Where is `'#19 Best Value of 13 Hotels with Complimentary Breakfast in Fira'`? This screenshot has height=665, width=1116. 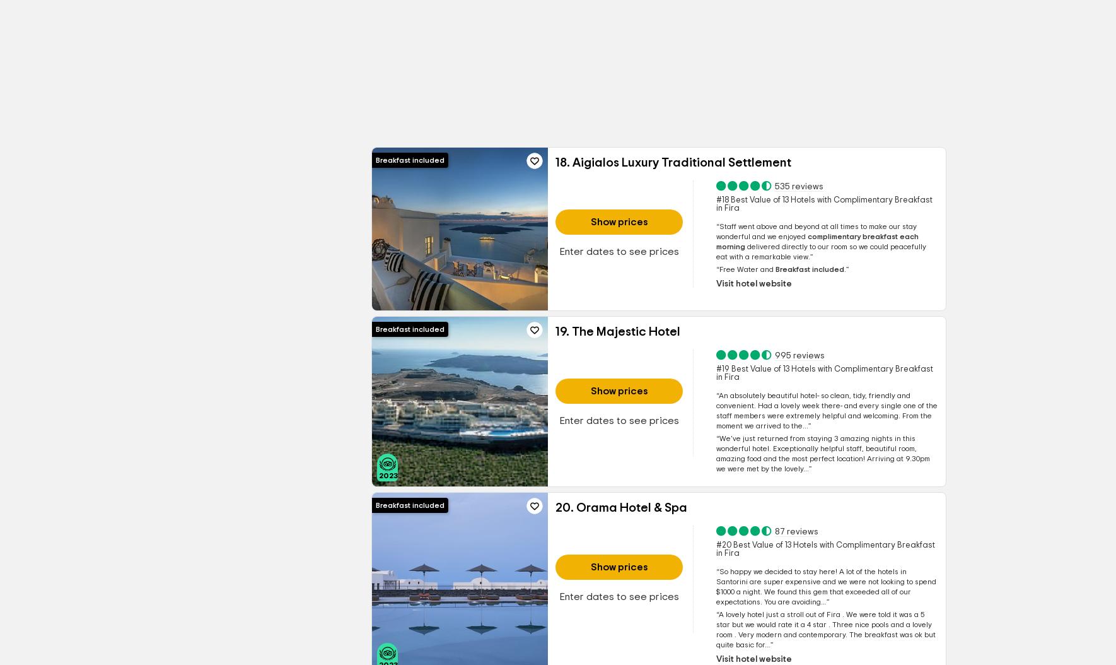 '#19 Best Value of 13 Hotels with Complimentary Breakfast in Fira' is located at coordinates (715, 373).